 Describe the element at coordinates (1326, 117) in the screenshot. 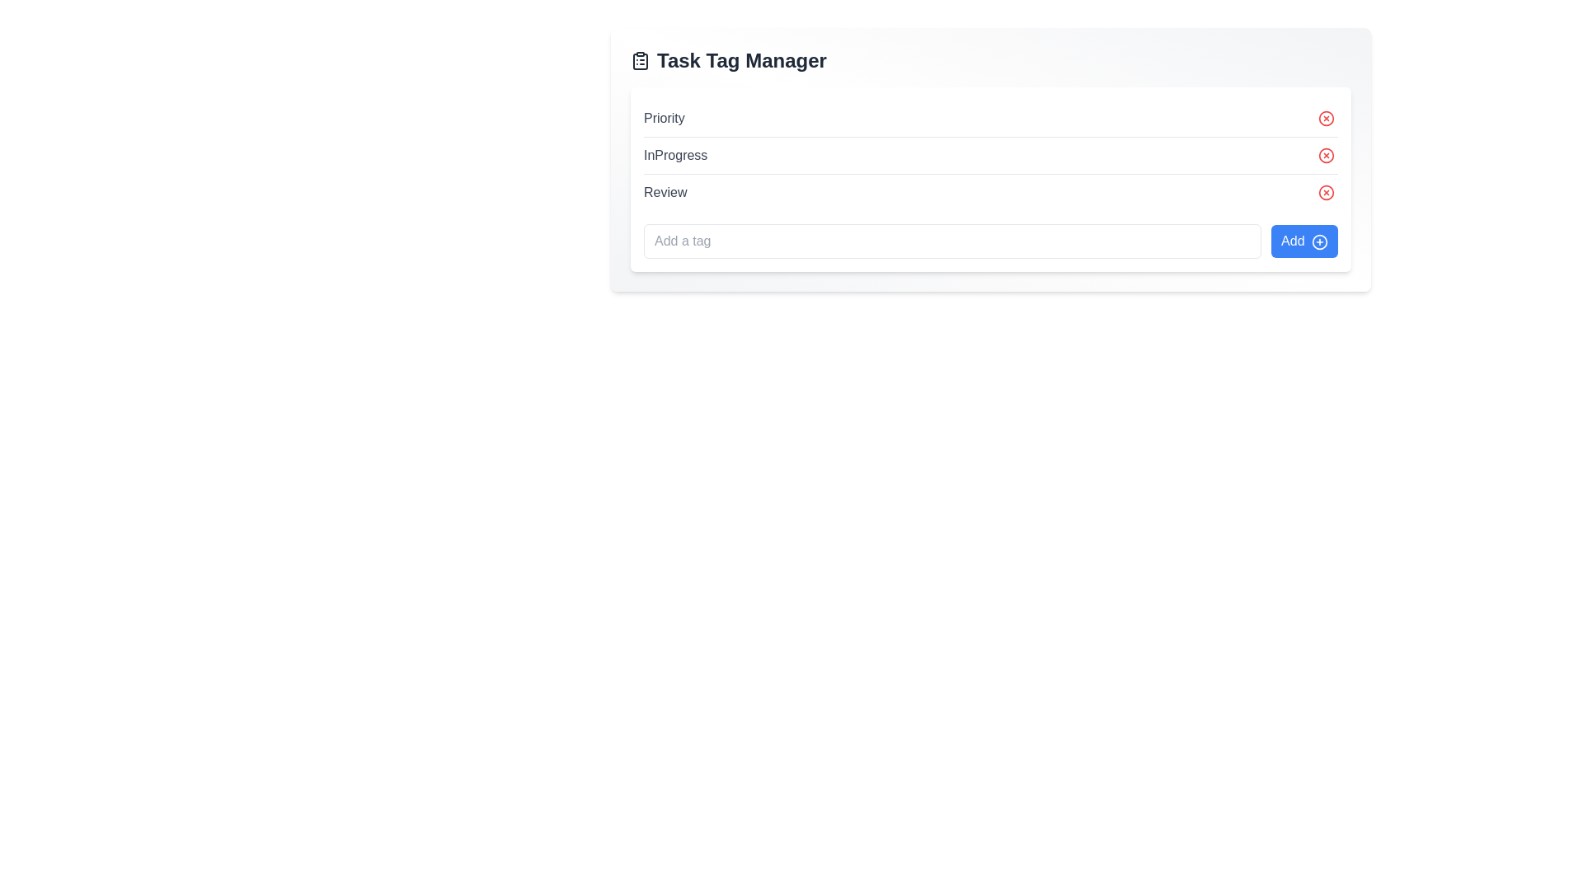

I see `the circular red 'X' button located at the rightmost position of the row labeled 'Priority' under the 'Task Tag Manager' heading` at that location.